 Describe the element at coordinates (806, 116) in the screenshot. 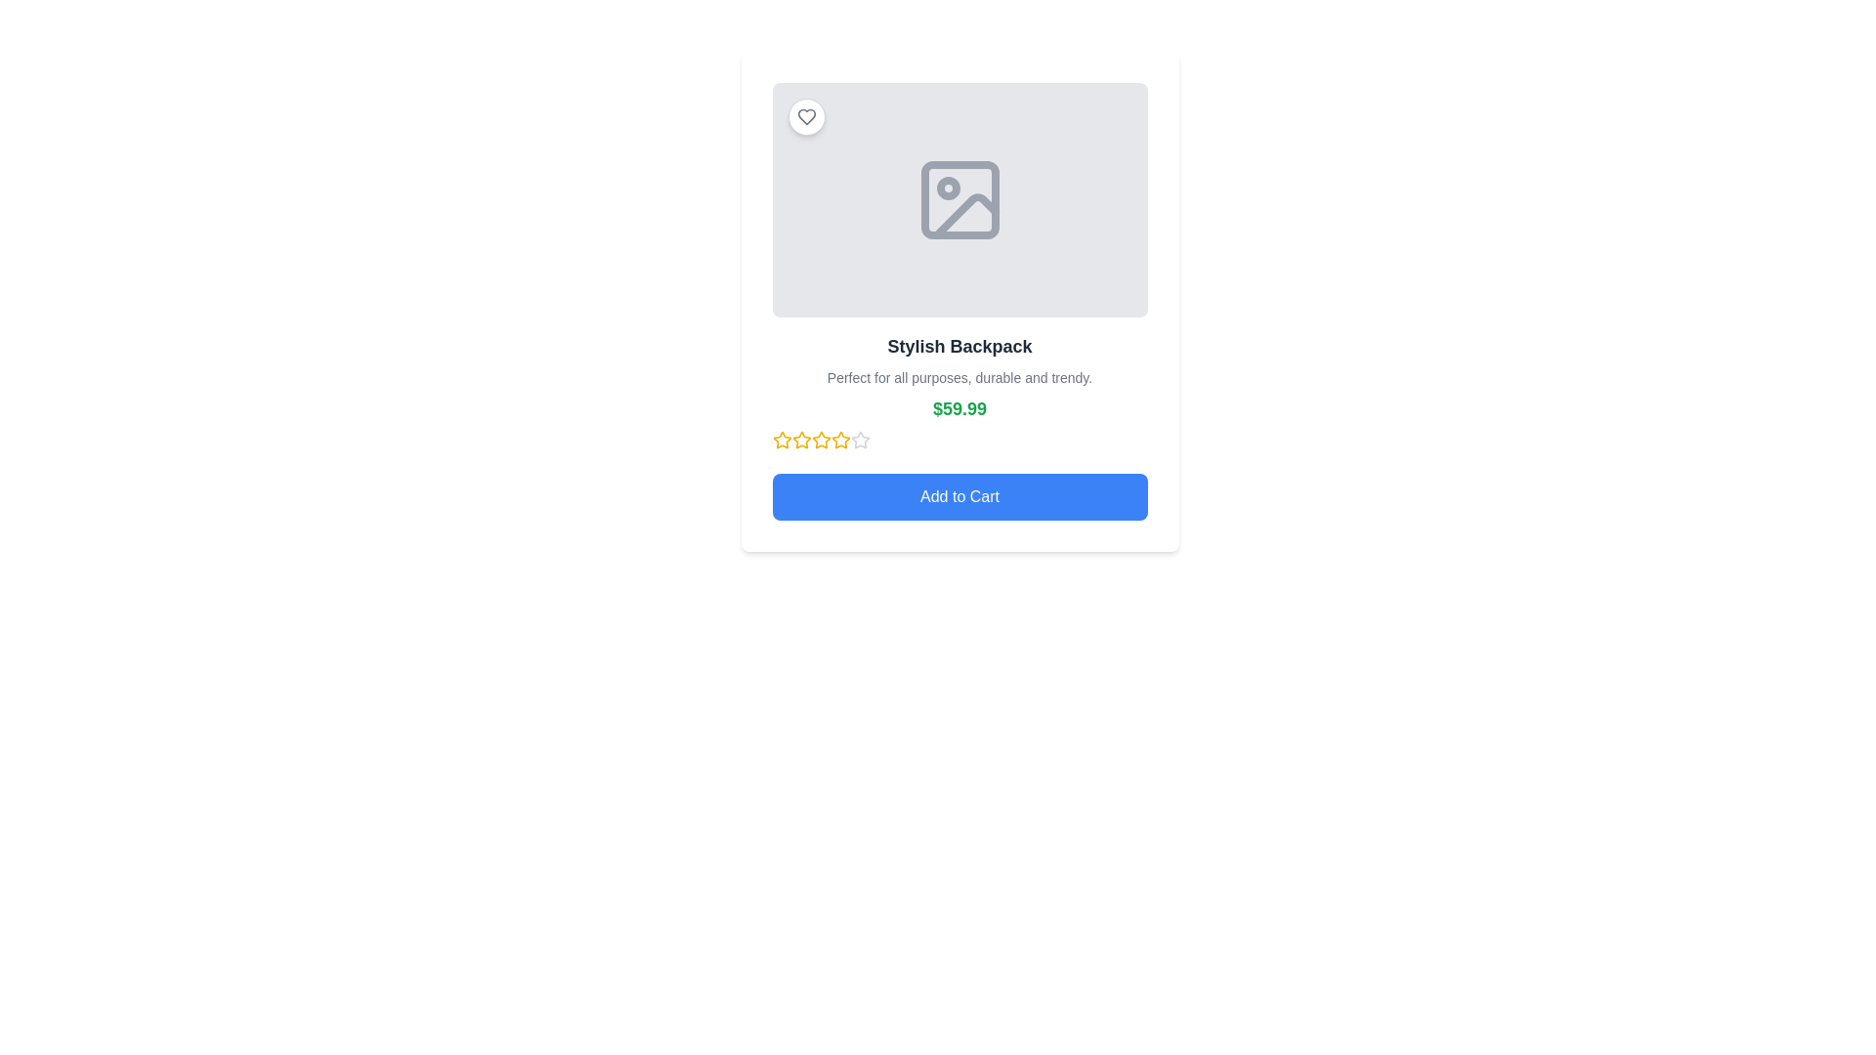

I see `the heart icon used to mark the product as a favorite for accessibility interactions` at that location.